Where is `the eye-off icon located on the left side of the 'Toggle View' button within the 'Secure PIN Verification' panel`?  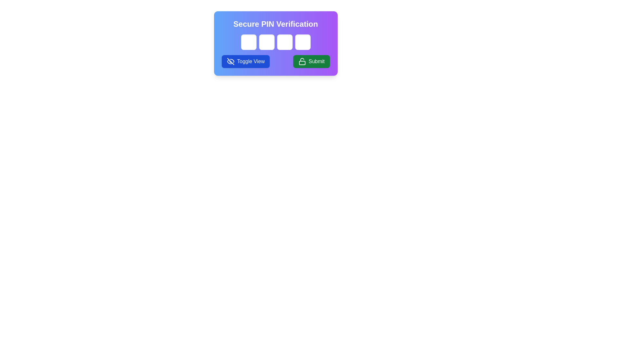 the eye-off icon located on the left side of the 'Toggle View' button within the 'Secure PIN Verification' panel is located at coordinates (230, 62).